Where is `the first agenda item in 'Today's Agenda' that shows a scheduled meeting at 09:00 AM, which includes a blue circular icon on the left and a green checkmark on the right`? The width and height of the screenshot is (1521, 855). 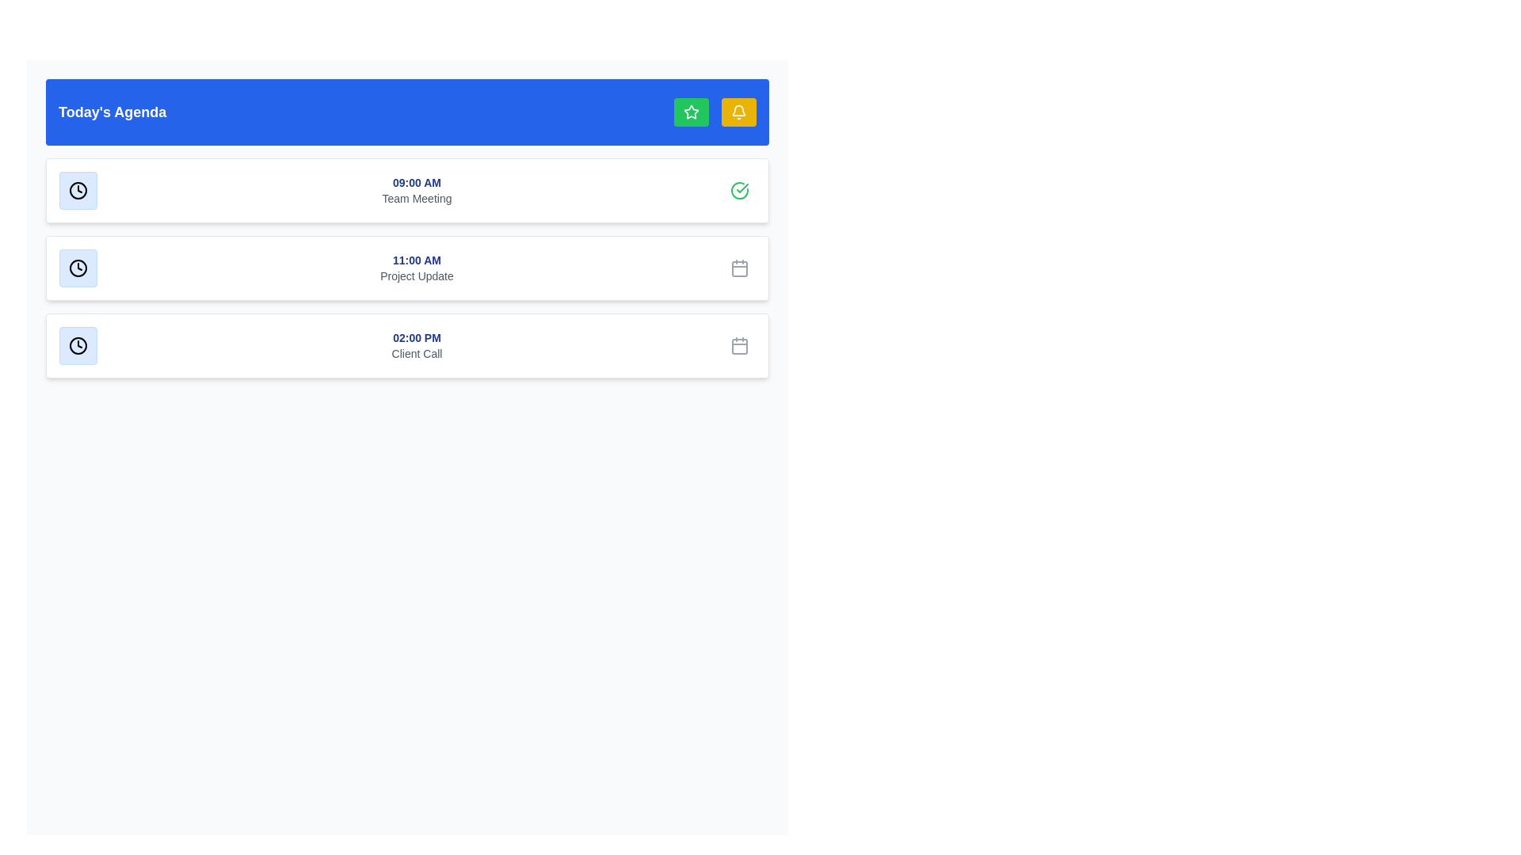
the first agenda item in 'Today's Agenda' that shows a scheduled meeting at 09:00 AM, which includes a blue circular icon on the left and a green checkmark on the right is located at coordinates (407, 189).